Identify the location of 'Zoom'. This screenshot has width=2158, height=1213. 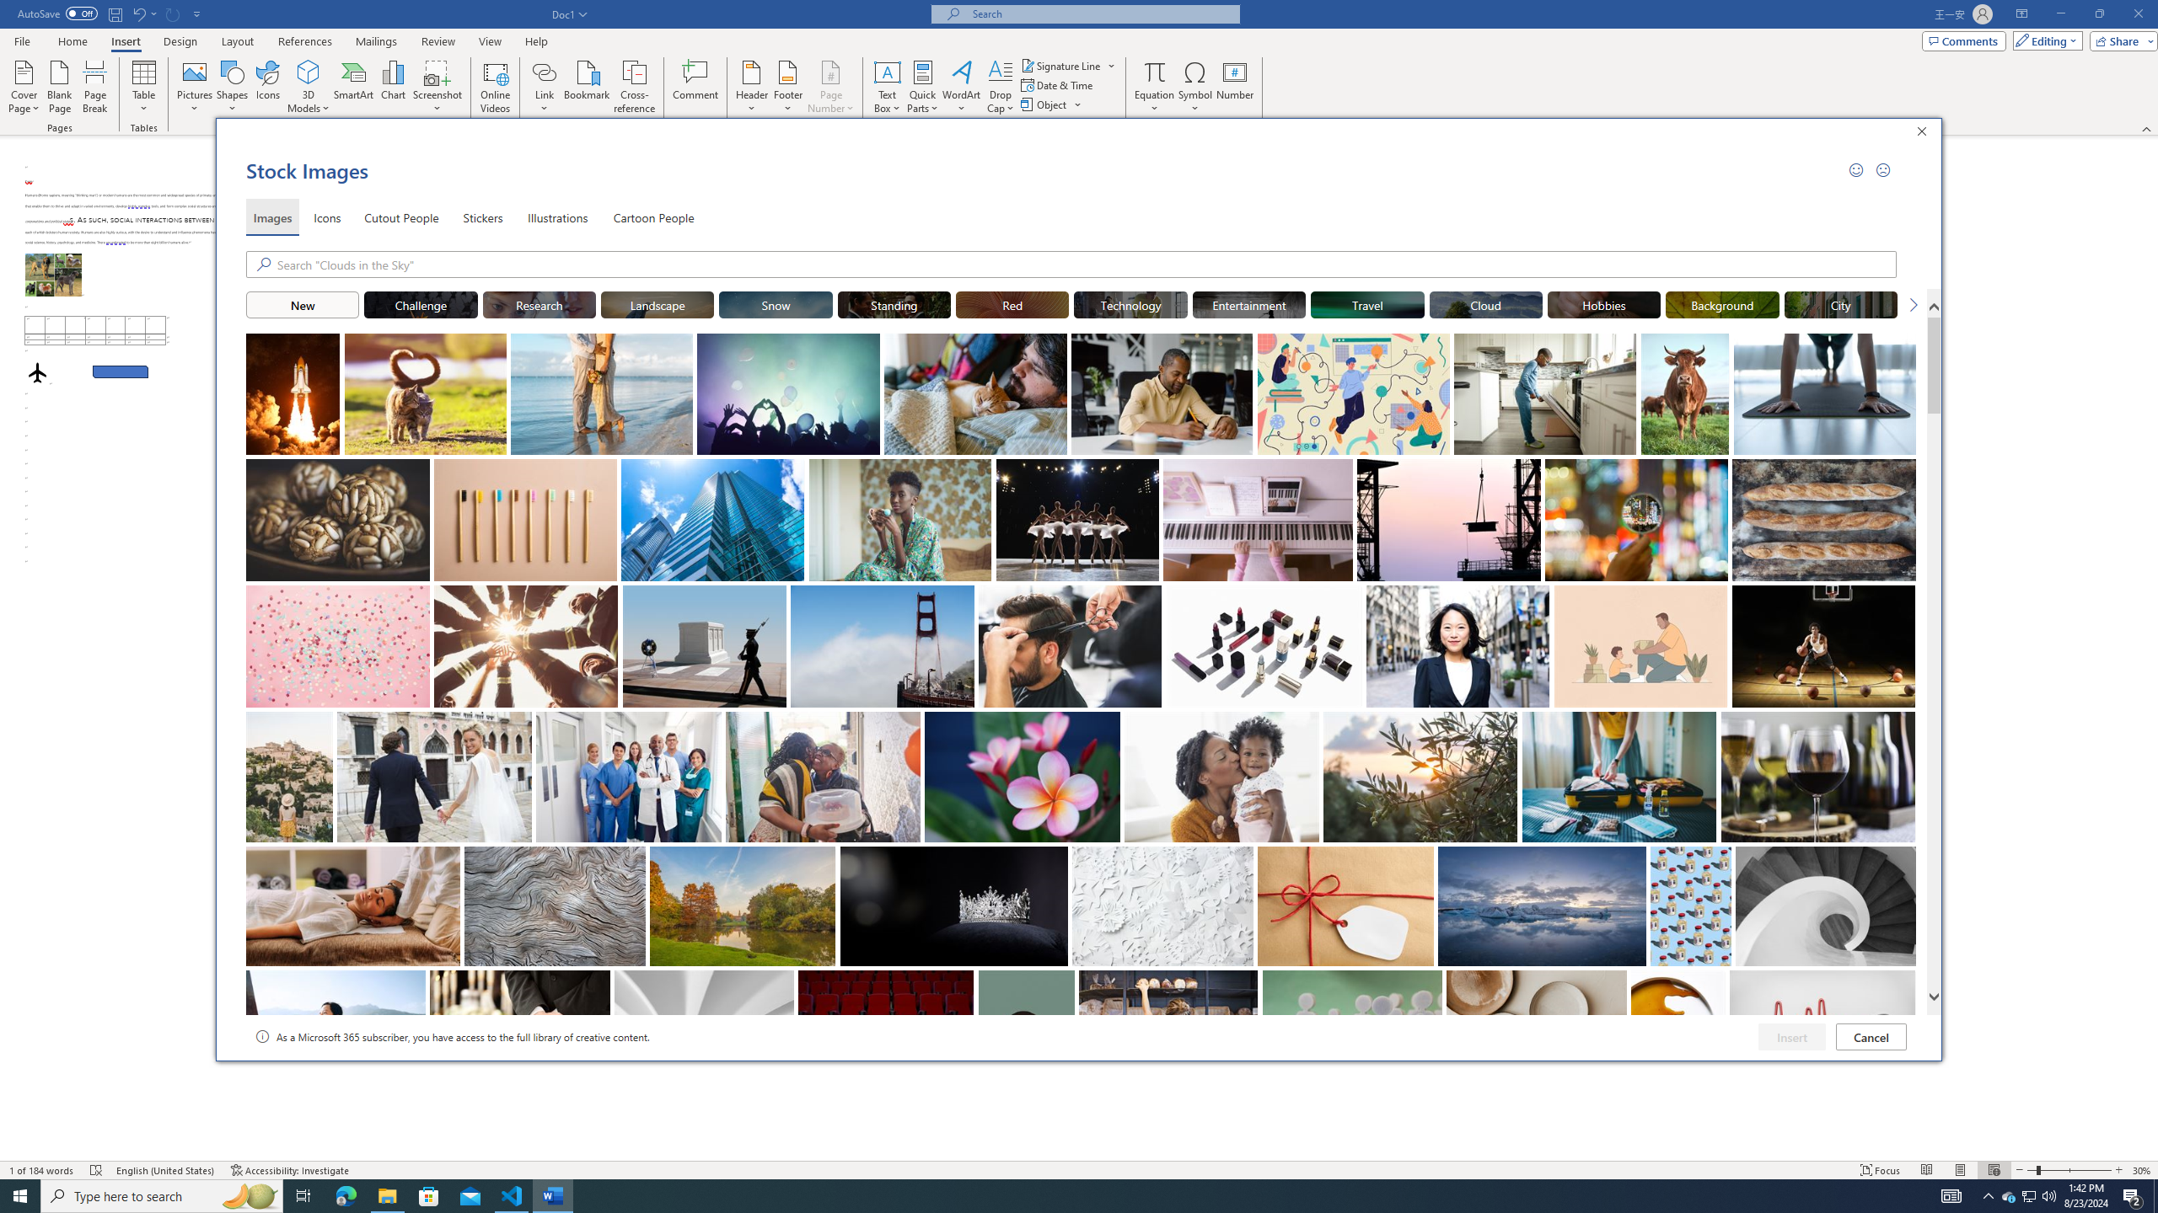
(2069, 1170).